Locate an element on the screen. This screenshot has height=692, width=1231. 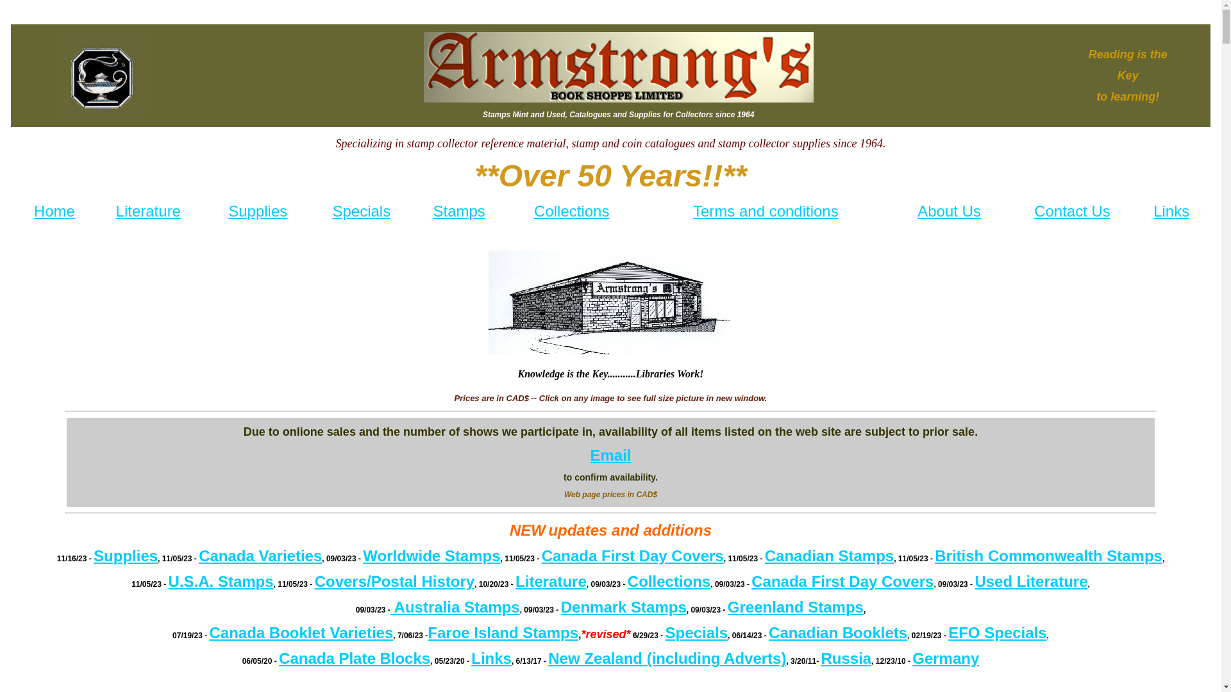
'Germany' is located at coordinates (945, 658).